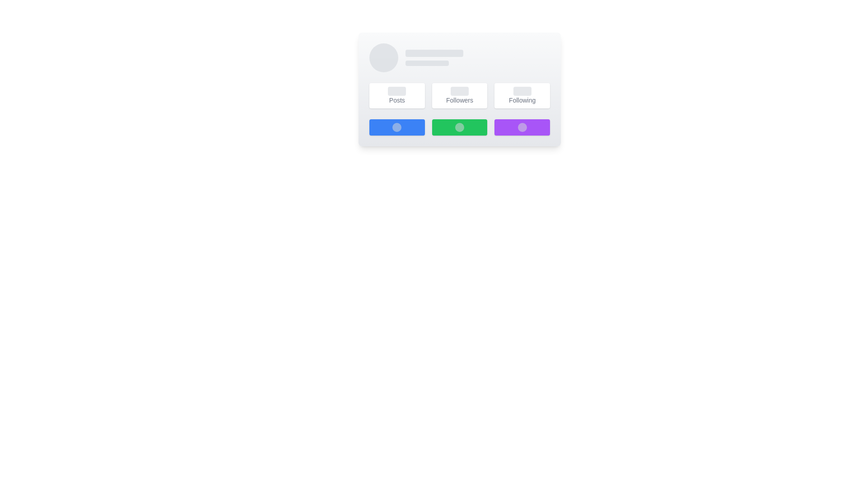 Image resolution: width=867 pixels, height=488 pixels. What do you see at coordinates (397, 91) in the screenshot?
I see `the visual display of the placeholder element with a light gray background, rounded corners, located at the top of the 'Posts' card` at bounding box center [397, 91].